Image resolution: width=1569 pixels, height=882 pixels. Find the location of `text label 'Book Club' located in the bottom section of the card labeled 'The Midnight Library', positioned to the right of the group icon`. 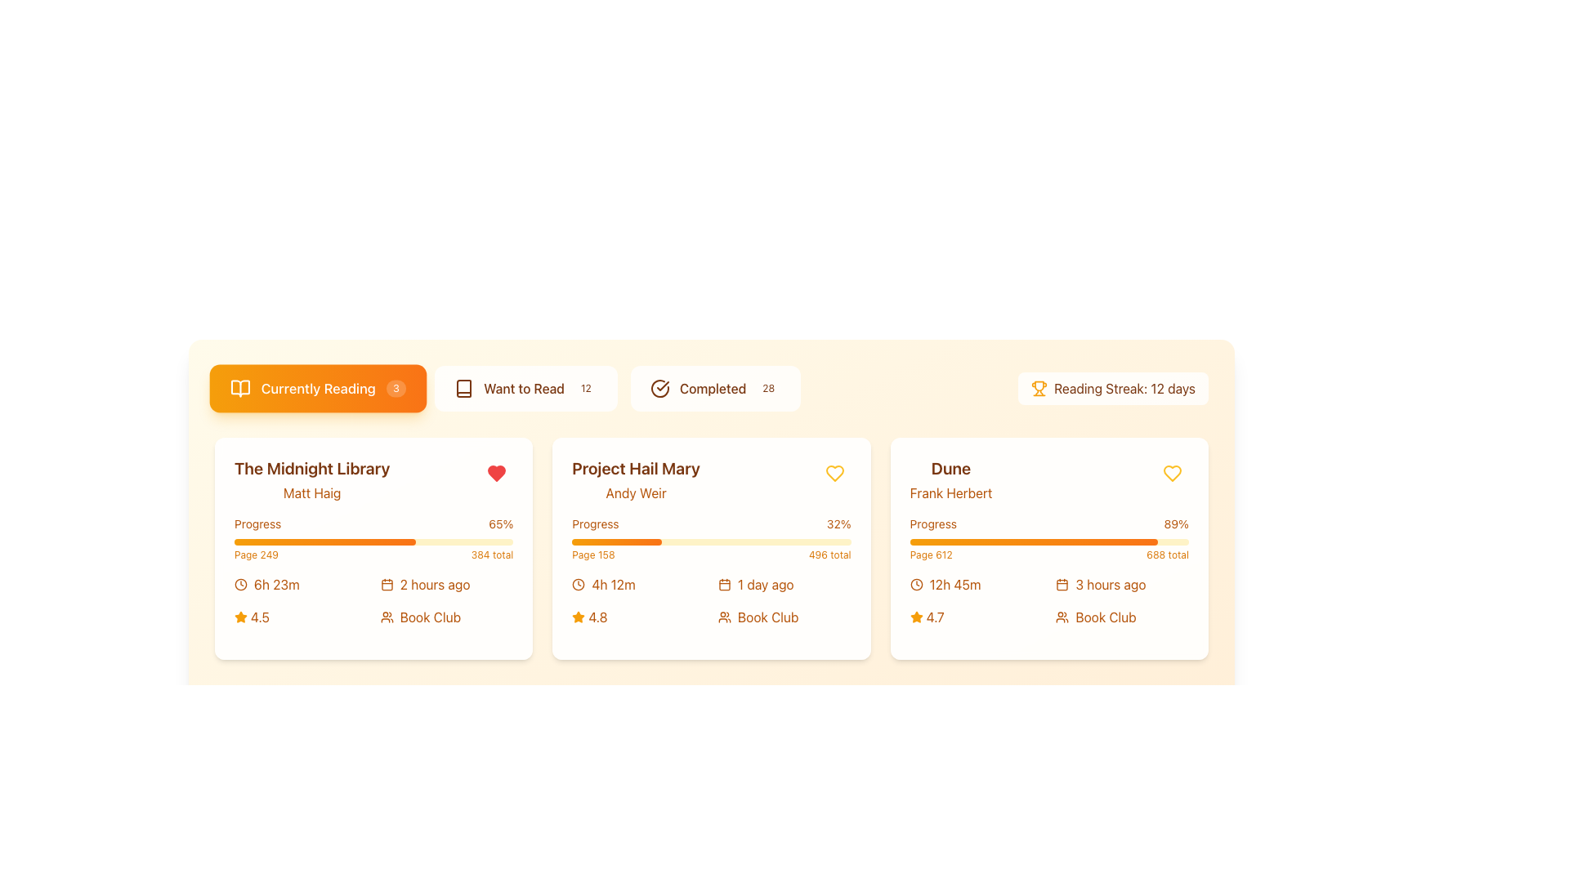

text label 'Book Club' located in the bottom section of the card labeled 'The Midnight Library', positioned to the right of the group icon is located at coordinates (430, 617).